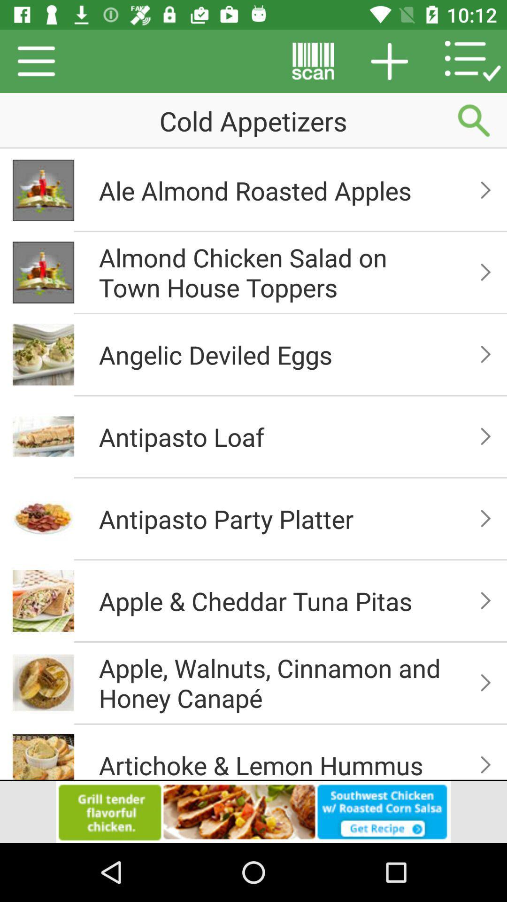 This screenshot has width=507, height=902. Describe the element at coordinates (389, 61) in the screenshot. I see `the add icon` at that location.